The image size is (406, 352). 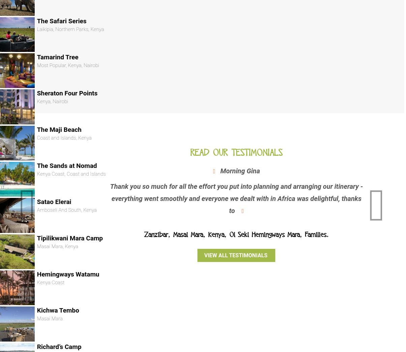 What do you see at coordinates (61, 20) in the screenshot?
I see `'The Safari Series'` at bounding box center [61, 20].